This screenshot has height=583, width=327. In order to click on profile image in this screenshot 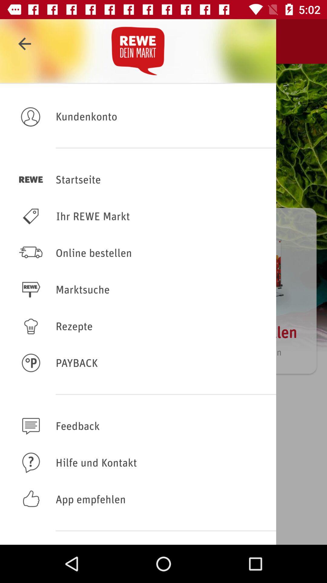, I will do `click(31, 116)`.